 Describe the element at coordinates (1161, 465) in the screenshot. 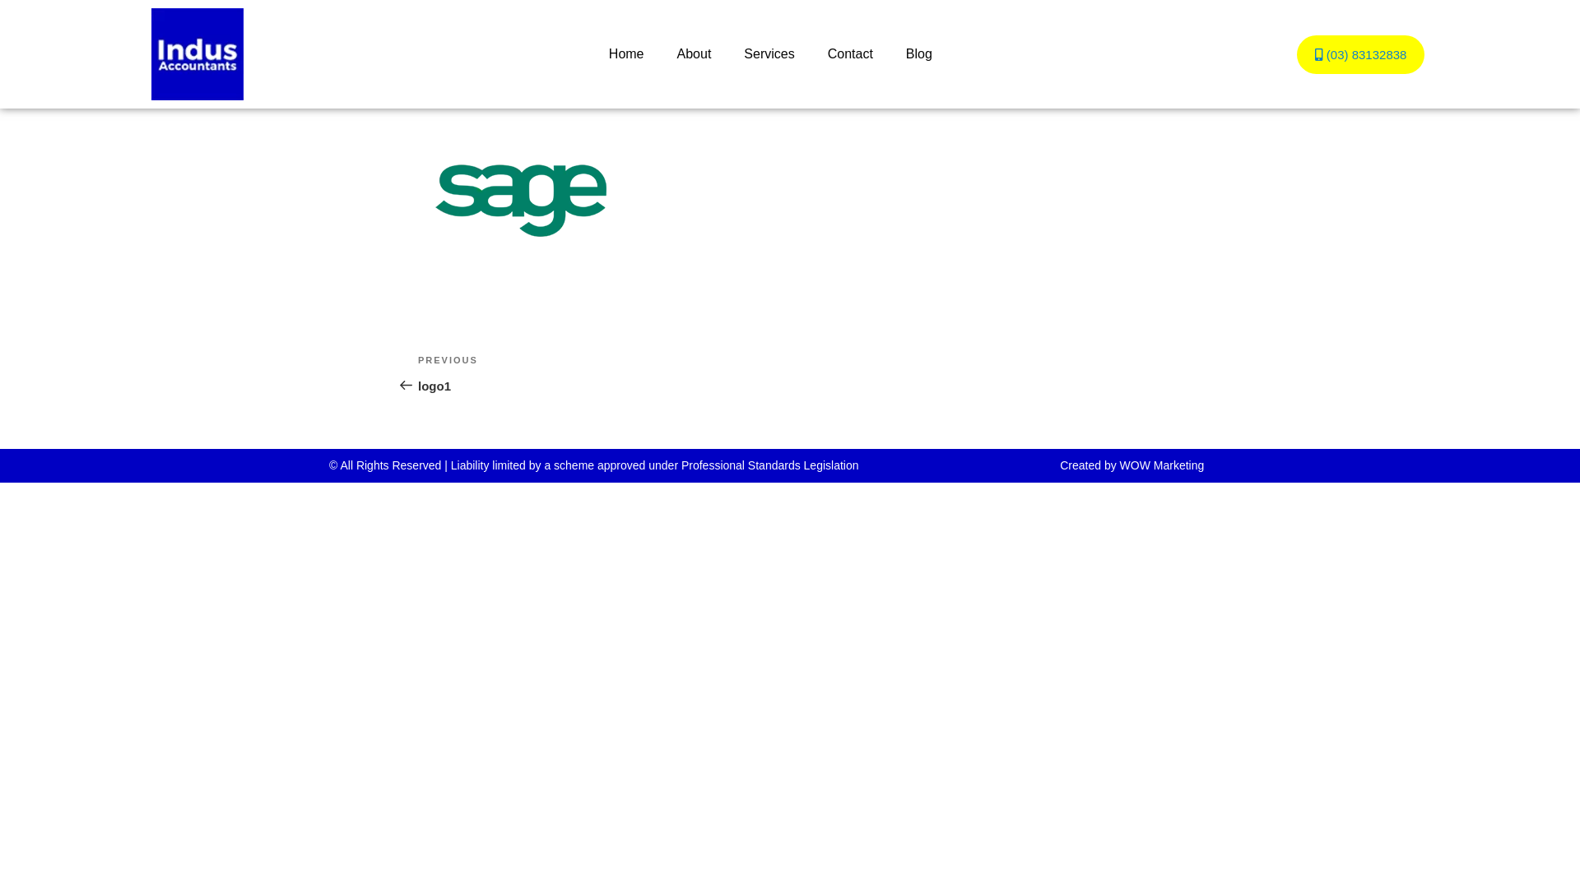

I see `'WOW Marketing'` at that location.